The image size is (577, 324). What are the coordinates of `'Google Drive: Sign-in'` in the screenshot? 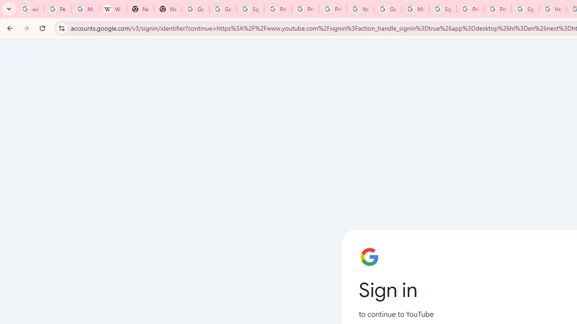 It's located at (223, 9).